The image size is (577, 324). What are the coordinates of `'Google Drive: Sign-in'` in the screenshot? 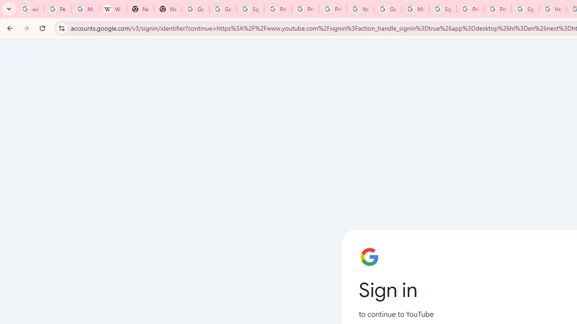 It's located at (223, 9).